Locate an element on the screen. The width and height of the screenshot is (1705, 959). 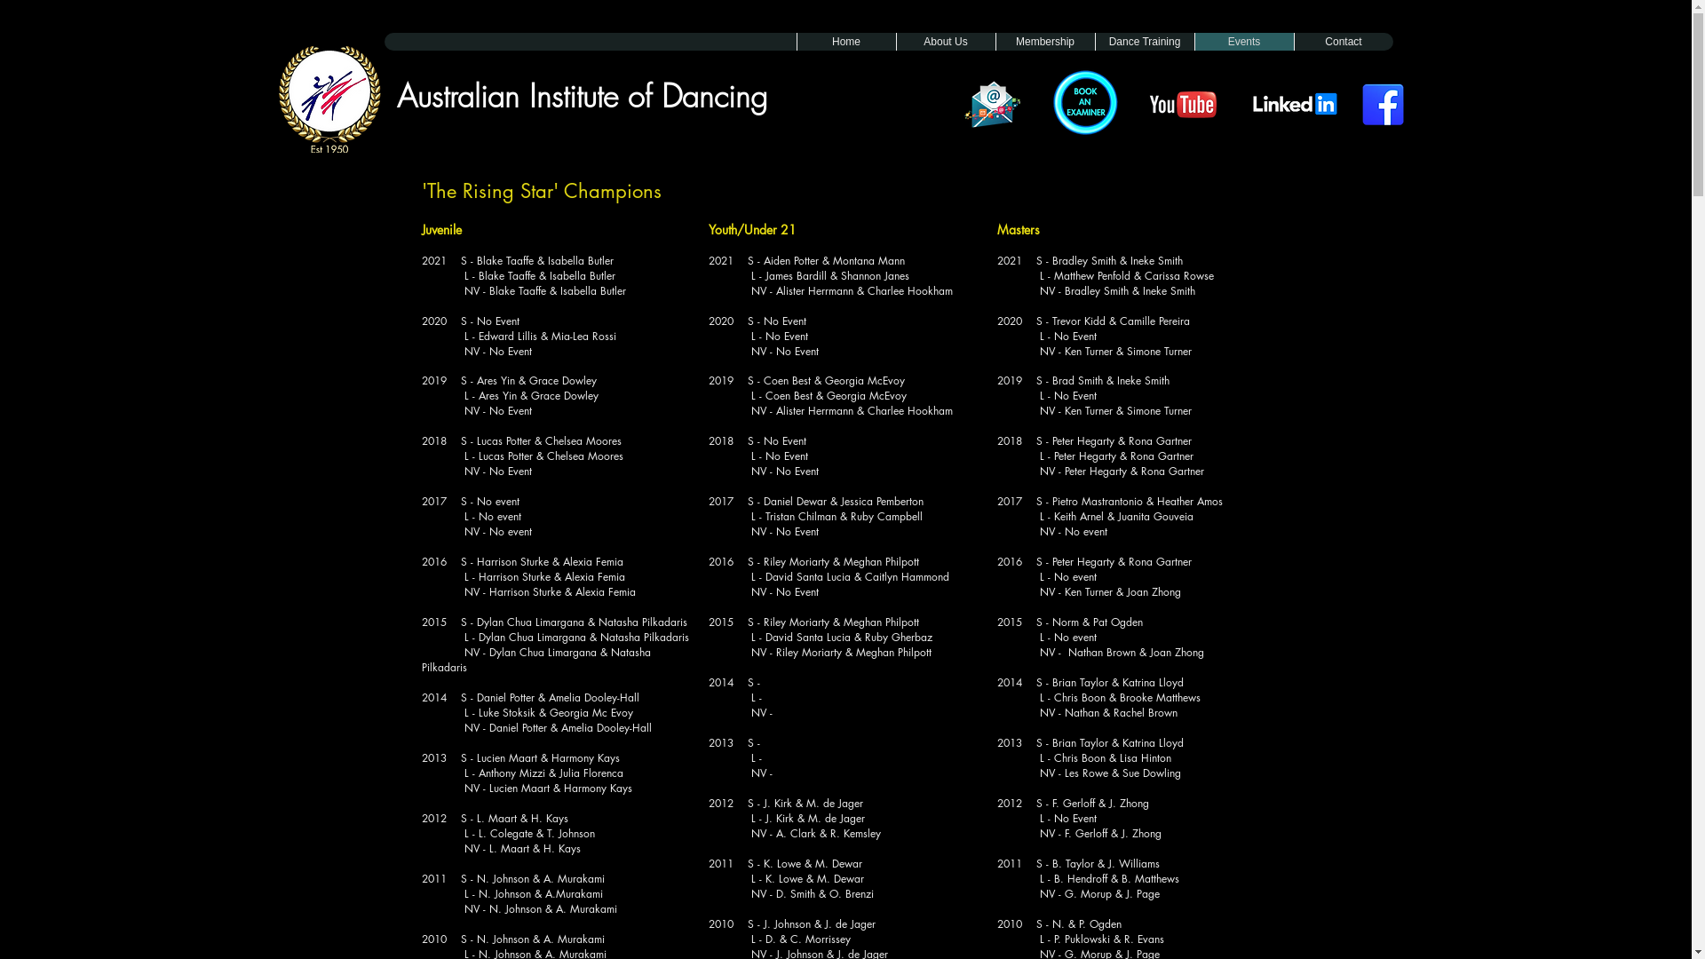
'Events' is located at coordinates (1242, 40).